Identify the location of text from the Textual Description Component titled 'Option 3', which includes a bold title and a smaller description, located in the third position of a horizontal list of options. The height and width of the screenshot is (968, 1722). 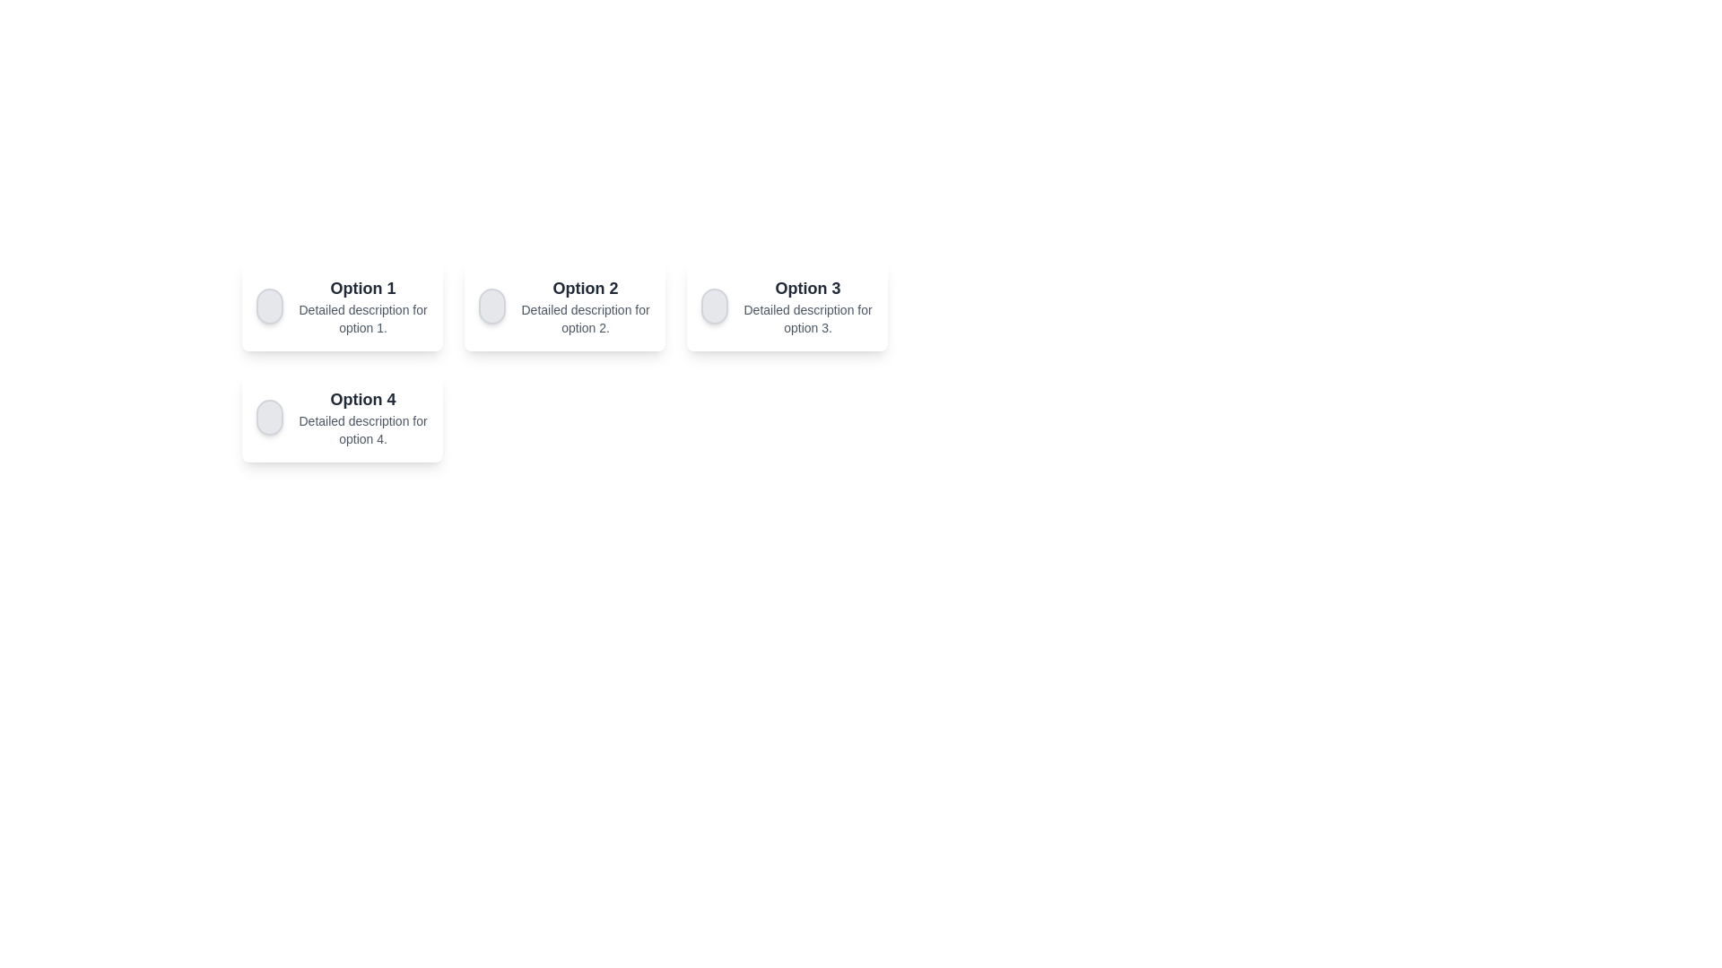
(807, 306).